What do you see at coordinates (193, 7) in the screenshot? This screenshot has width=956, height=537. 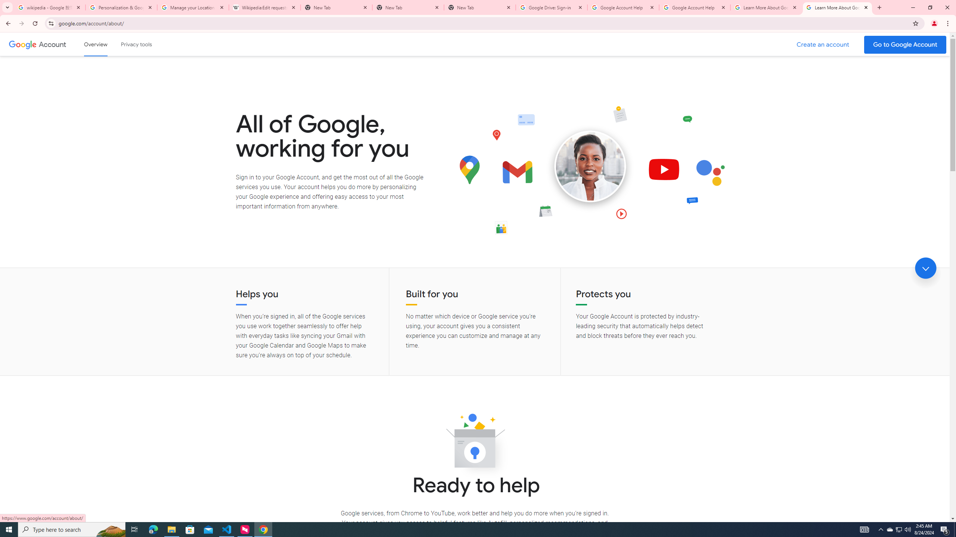 I see `'Manage your Location History - Google Search Help'` at bounding box center [193, 7].